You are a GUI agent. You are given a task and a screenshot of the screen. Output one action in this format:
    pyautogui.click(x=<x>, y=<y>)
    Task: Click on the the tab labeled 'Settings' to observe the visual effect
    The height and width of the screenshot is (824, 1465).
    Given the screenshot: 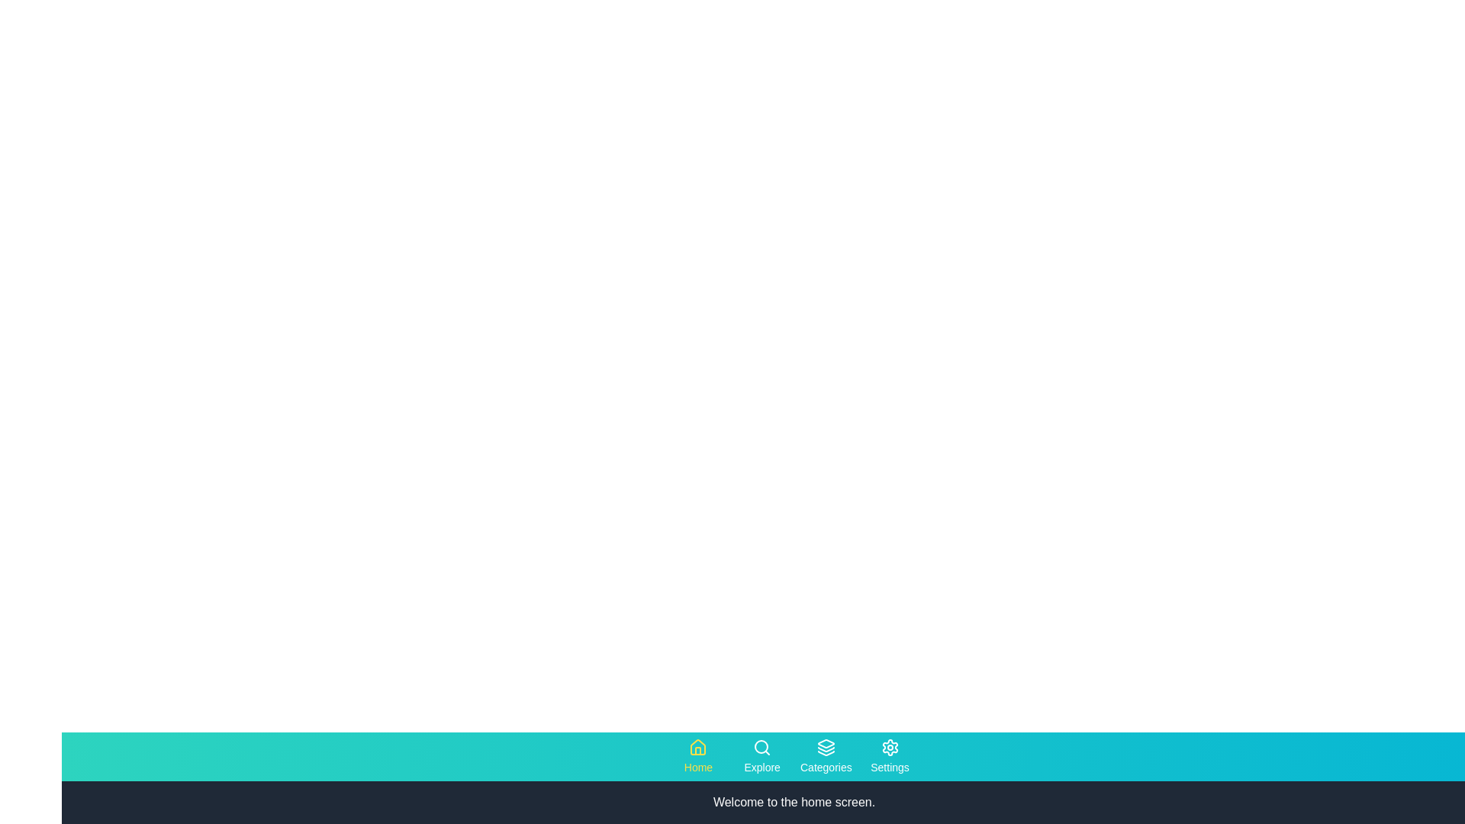 What is the action you would take?
    pyautogui.click(x=890, y=756)
    